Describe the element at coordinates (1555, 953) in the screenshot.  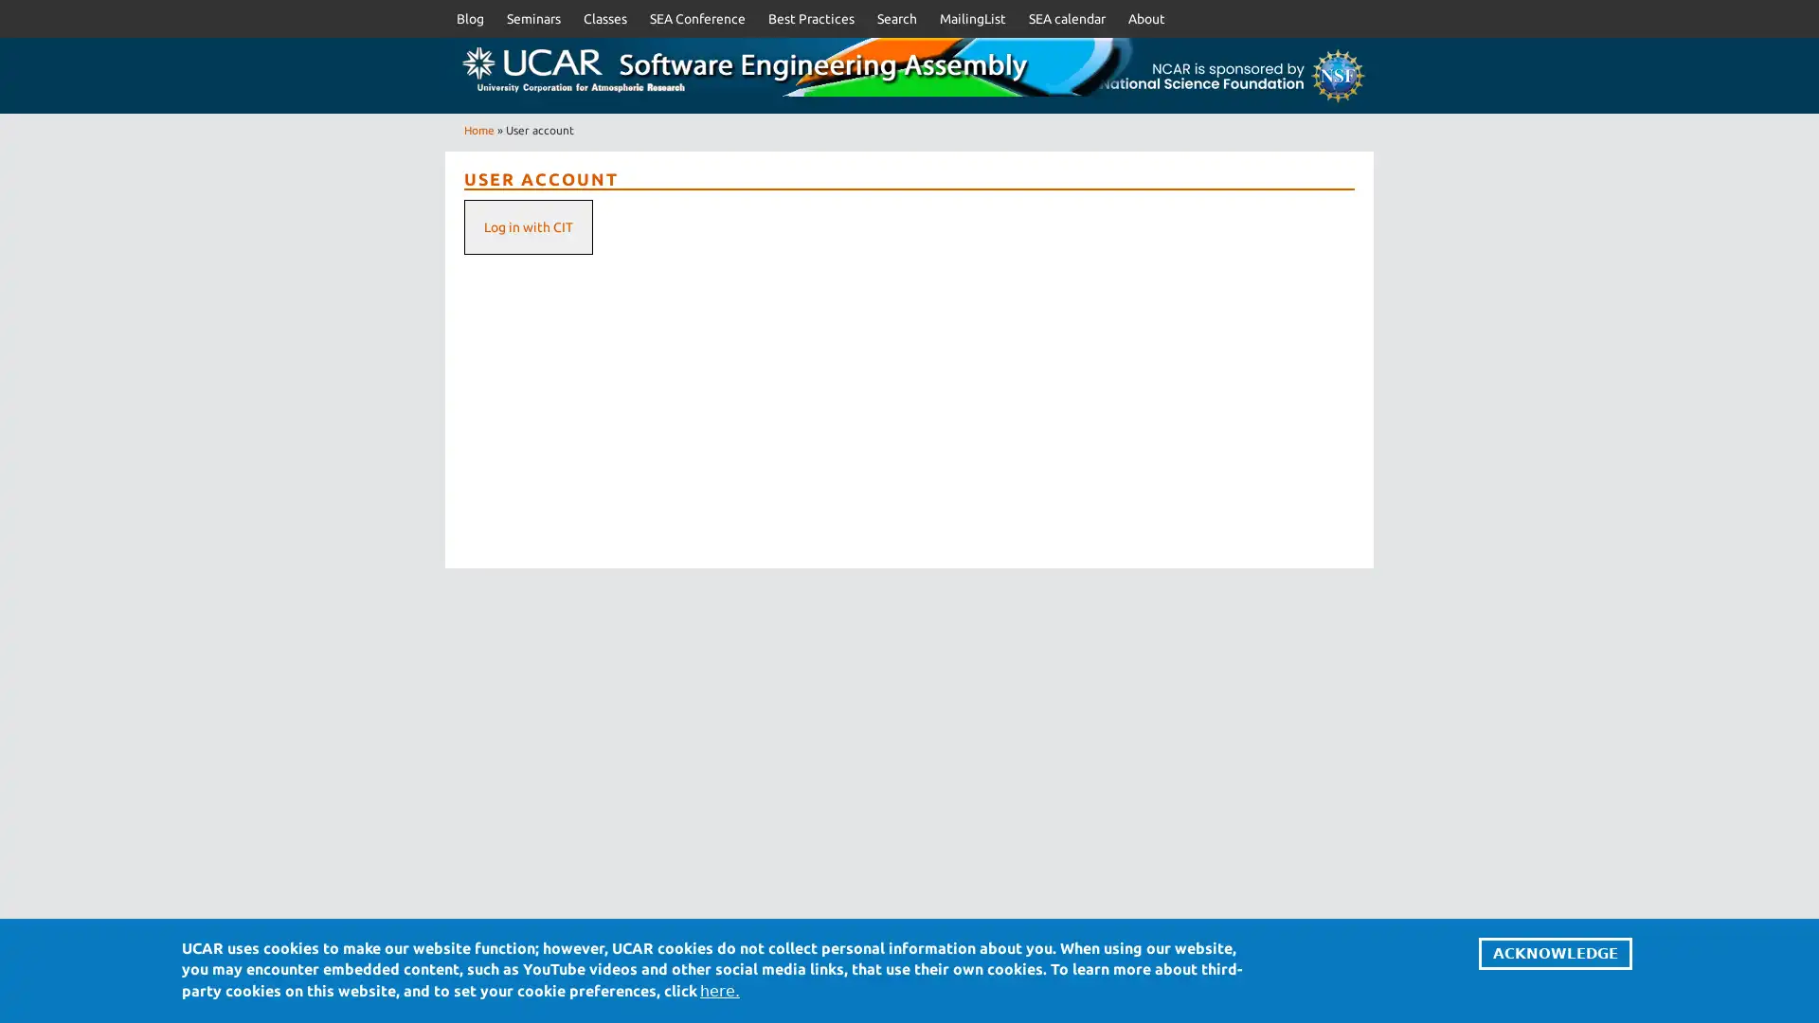
I see `ACKNOWLEDGE` at that location.